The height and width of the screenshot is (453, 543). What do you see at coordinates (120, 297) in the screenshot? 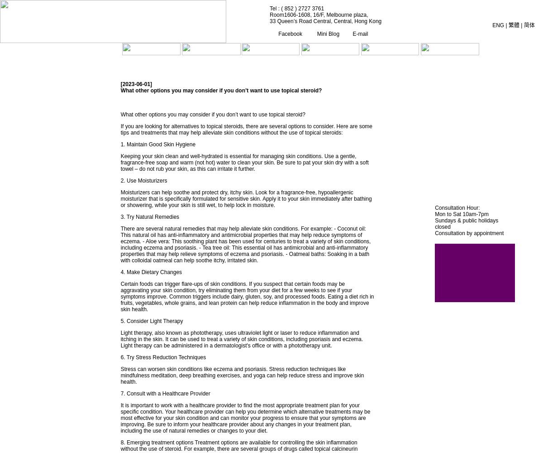
I see `'Certain foods can trigger flare-ups of skin conditions. If you suspect that certain foods may be aggravating your skin condition, try eliminating them from your diet for a few weeks to see if your symptoms improve. Common triggers include dairy, gluten, soy, and processed foods. Eating a diet rich in fruits, vegetables, whole grains, and lean protein can help reduce inflammation in the body and improve skin health.'` at bounding box center [120, 297].